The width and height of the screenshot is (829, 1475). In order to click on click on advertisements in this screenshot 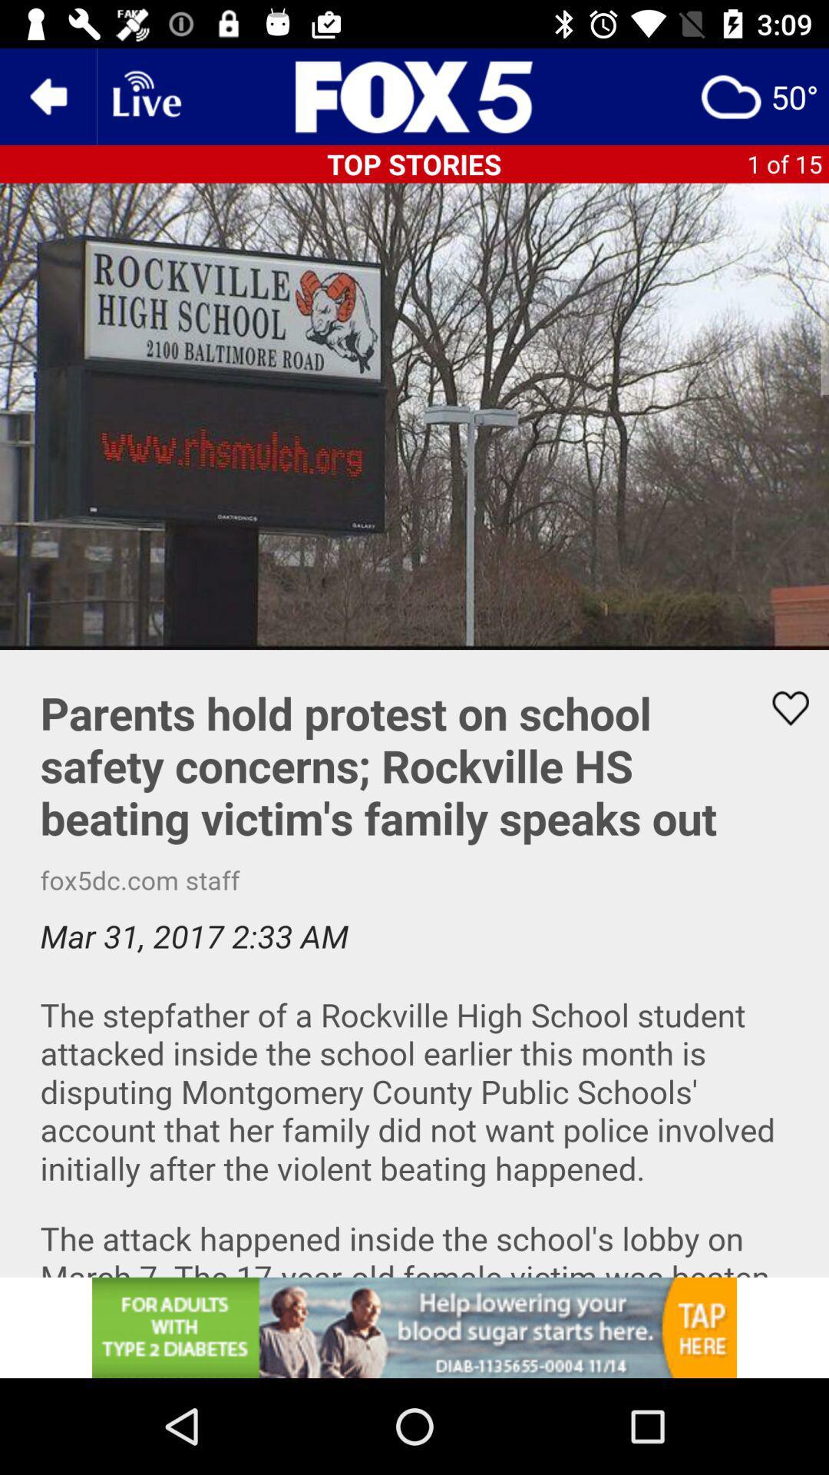, I will do `click(414, 1327)`.